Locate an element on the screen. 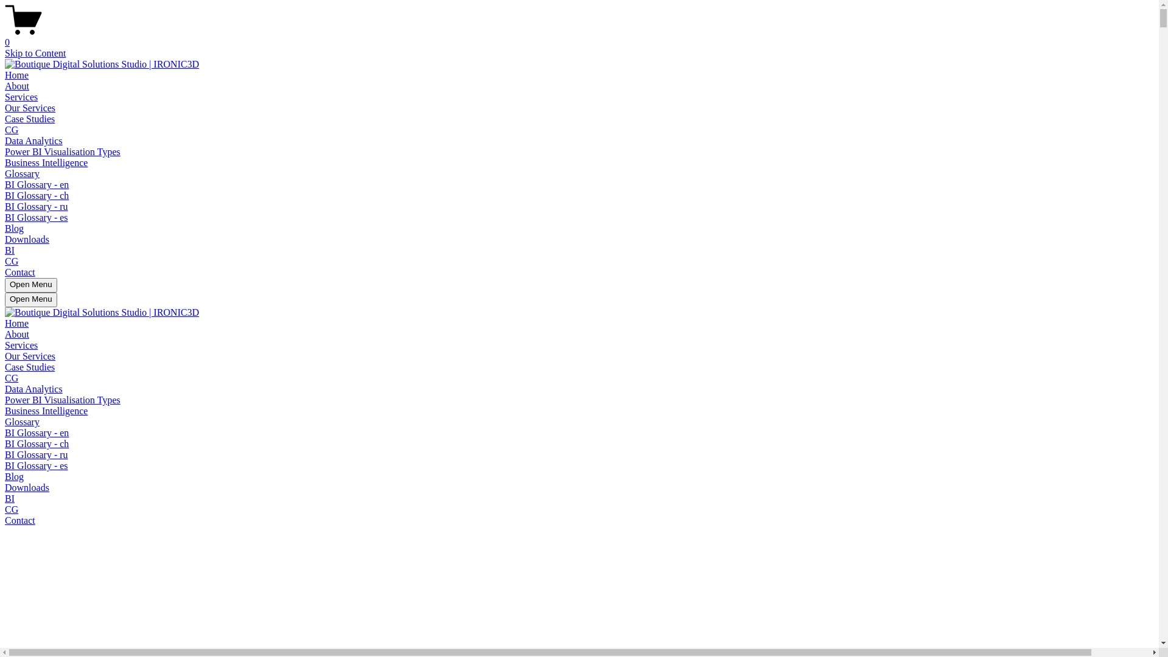 The height and width of the screenshot is (657, 1168). 'BI' is located at coordinates (5, 249).